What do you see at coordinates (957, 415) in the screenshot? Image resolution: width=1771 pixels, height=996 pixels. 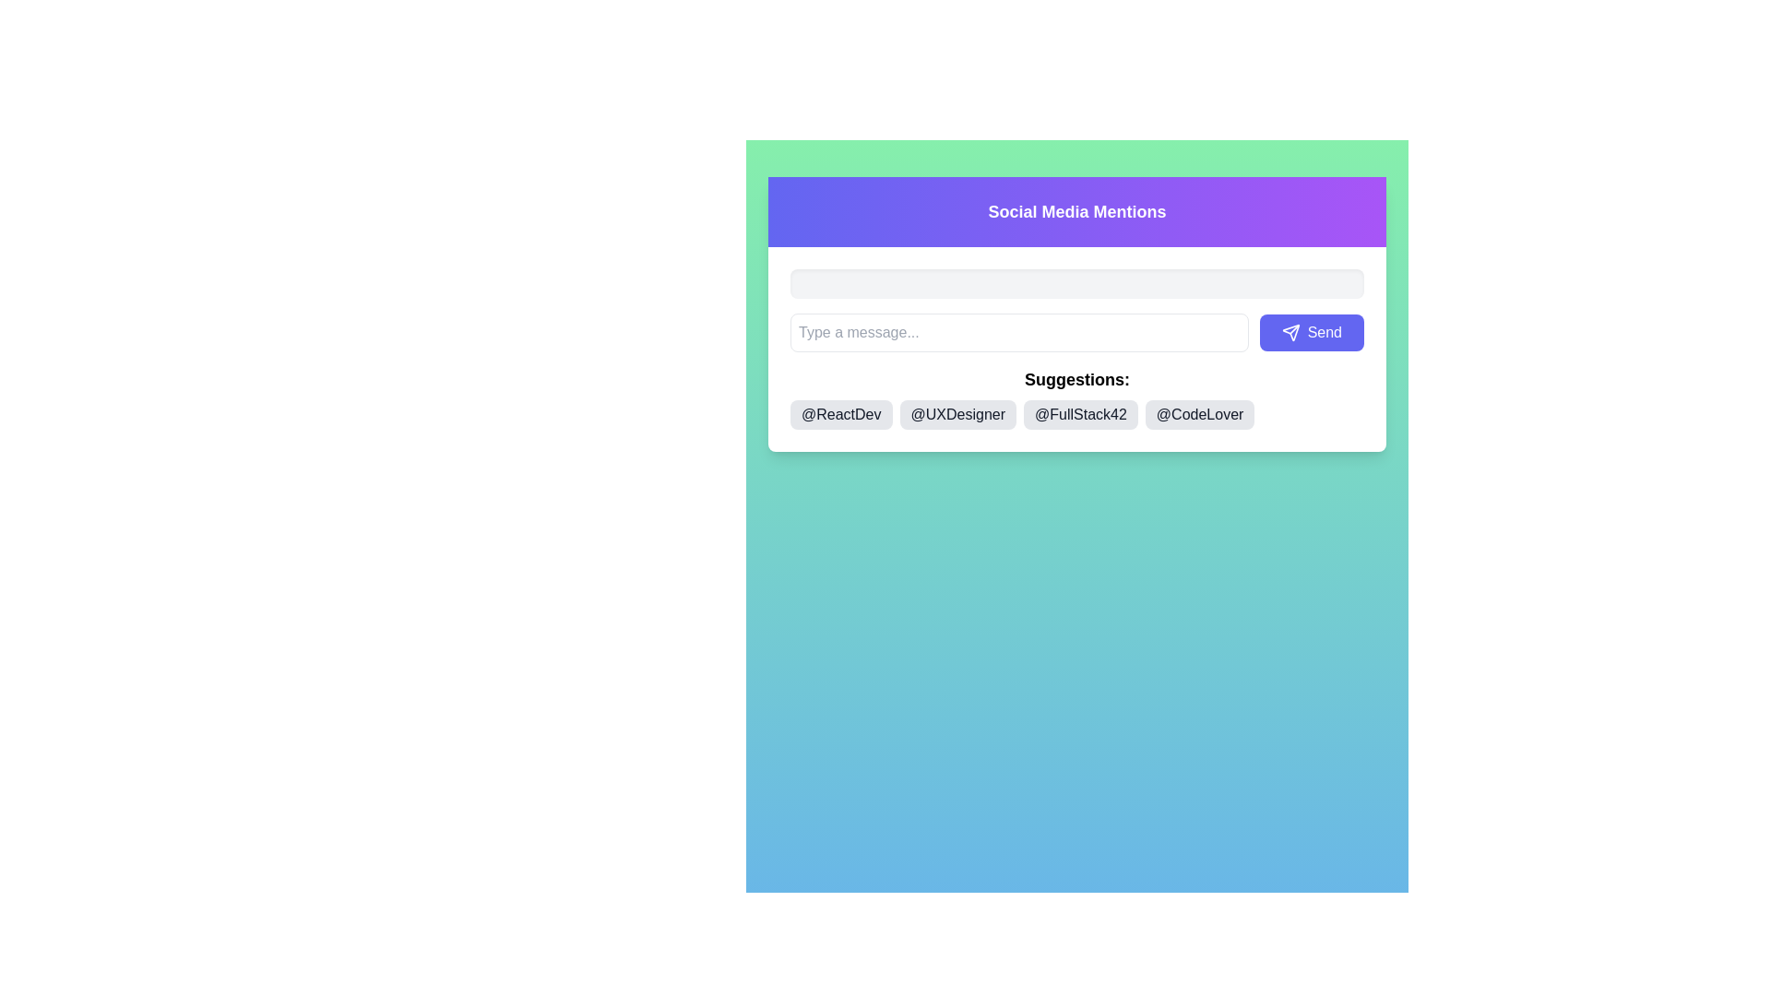 I see `the rounded rectangular button with the text '@UXDesigner'` at bounding box center [957, 415].